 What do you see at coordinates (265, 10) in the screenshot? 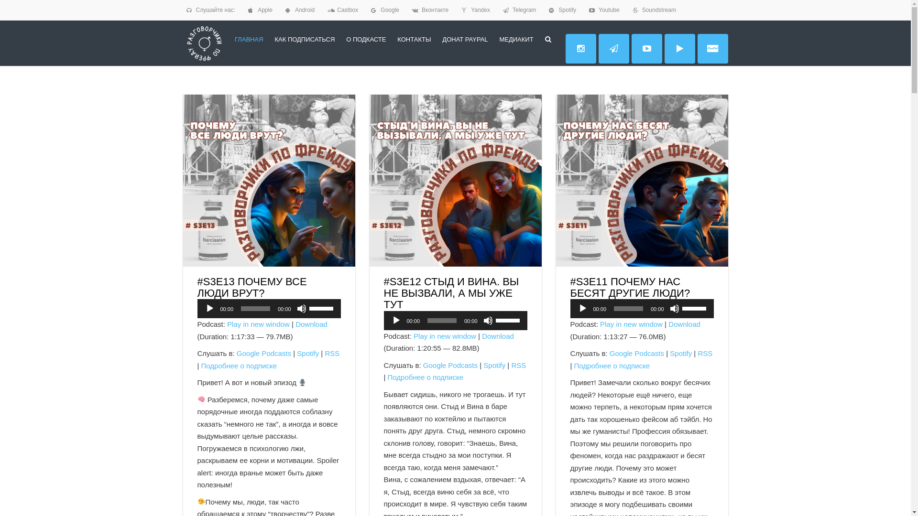
I see `'Apple'` at bounding box center [265, 10].